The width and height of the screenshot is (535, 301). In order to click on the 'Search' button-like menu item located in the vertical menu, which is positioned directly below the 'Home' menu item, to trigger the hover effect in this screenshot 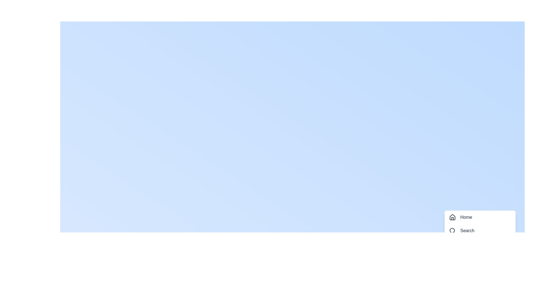, I will do `click(480, 231)`.